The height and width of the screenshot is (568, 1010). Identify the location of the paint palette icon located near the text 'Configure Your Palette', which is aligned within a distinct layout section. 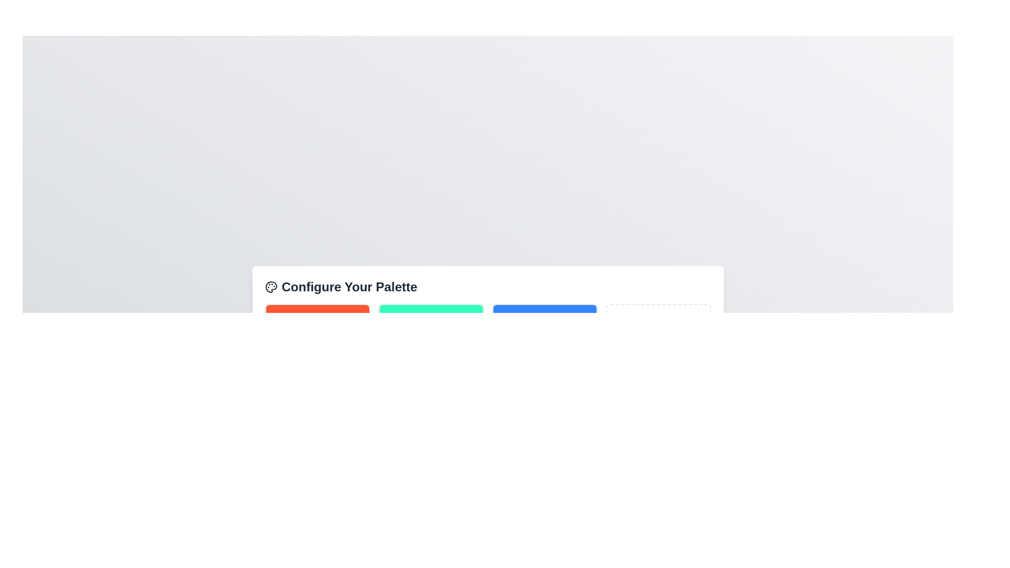
(271, 287).